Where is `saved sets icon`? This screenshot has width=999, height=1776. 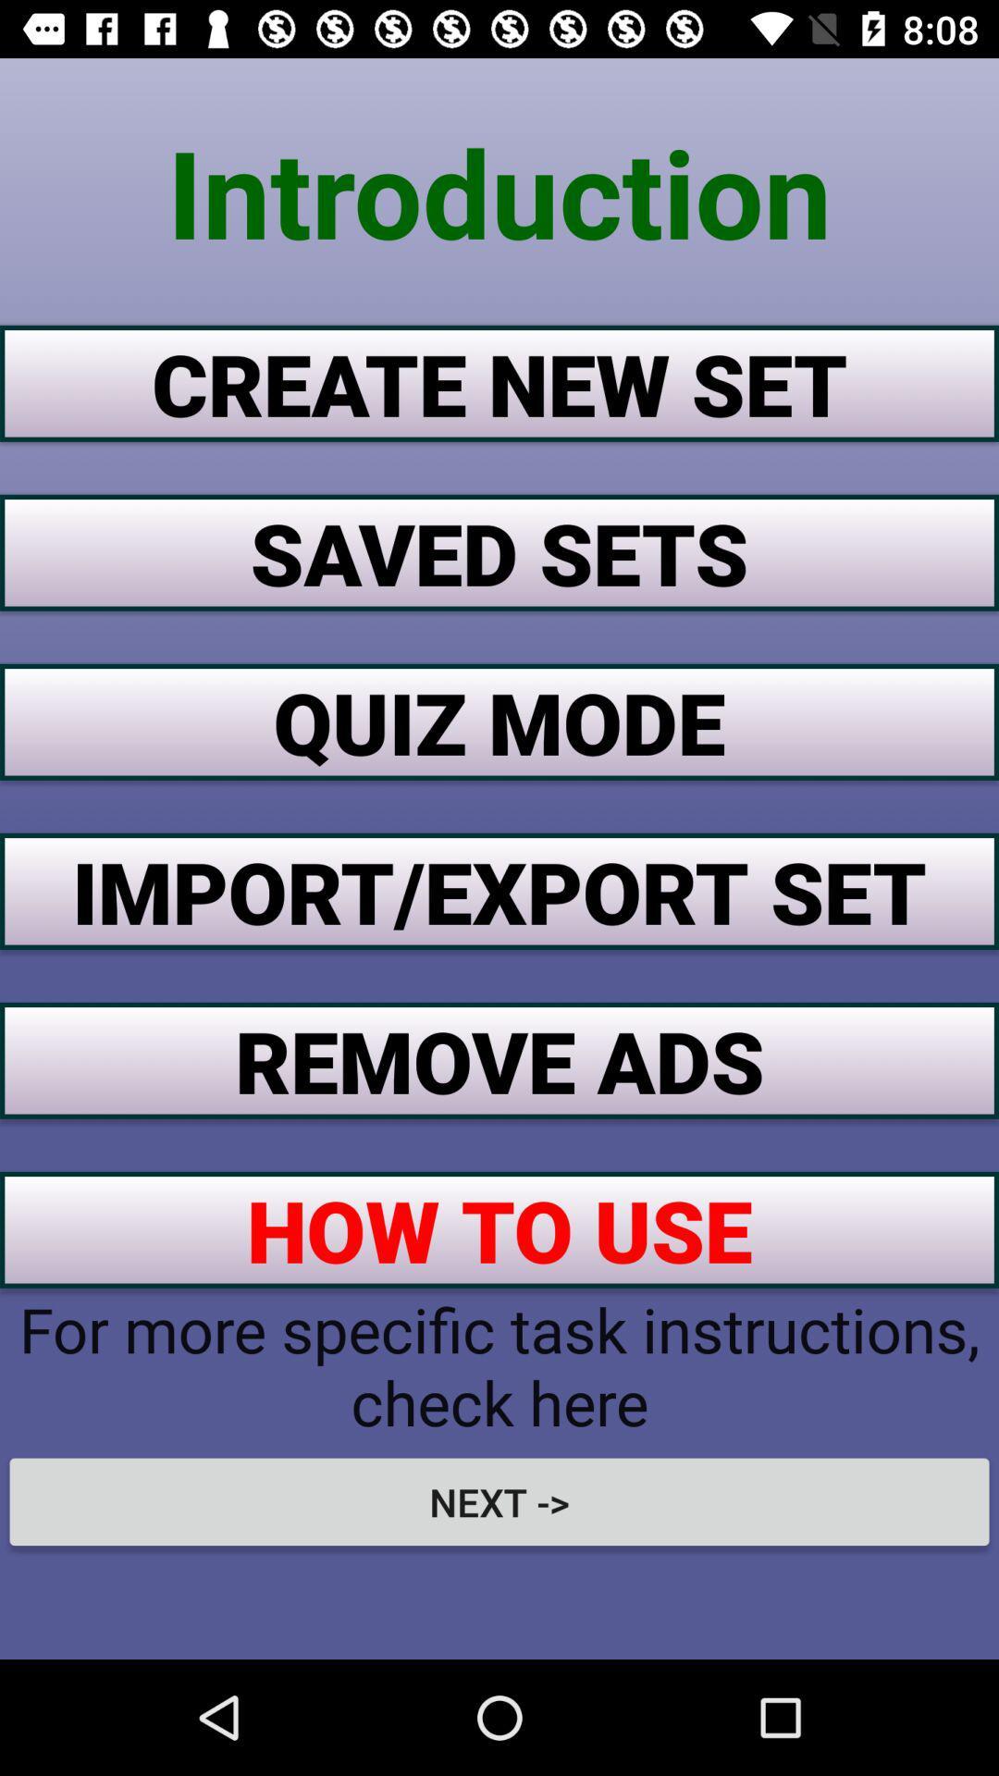
saved sets icon is located at coordinates (499, 551).